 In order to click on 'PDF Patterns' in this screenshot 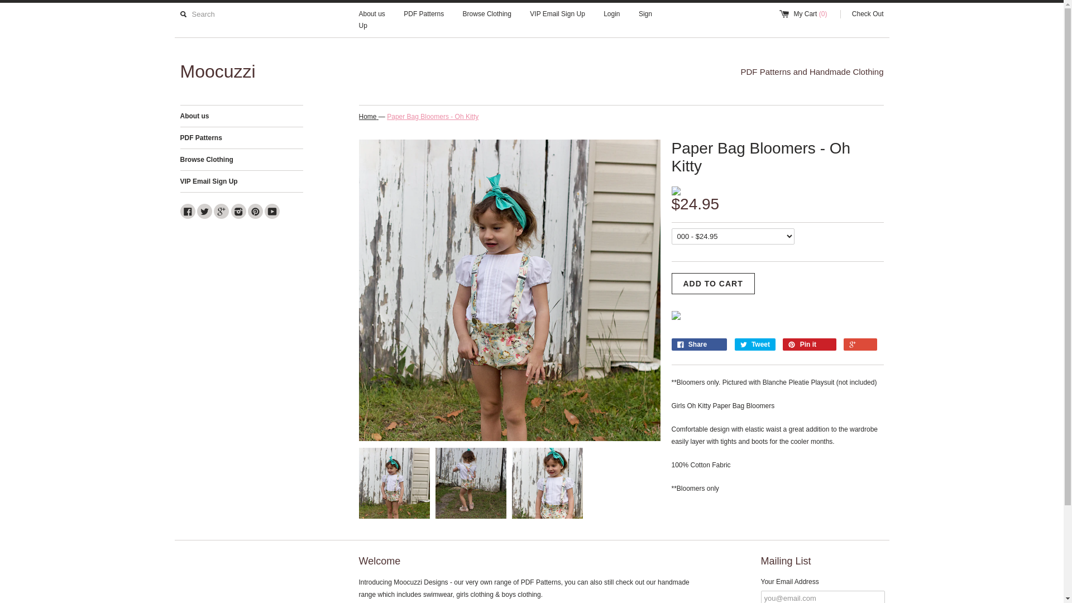, I will do `click(423, 14)`.